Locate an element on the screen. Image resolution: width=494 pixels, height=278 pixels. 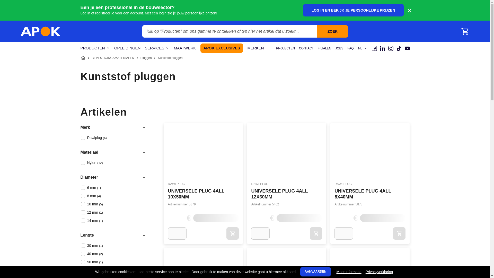
'APOK EXCLUSIVES' is located at coordinates (200, 48).